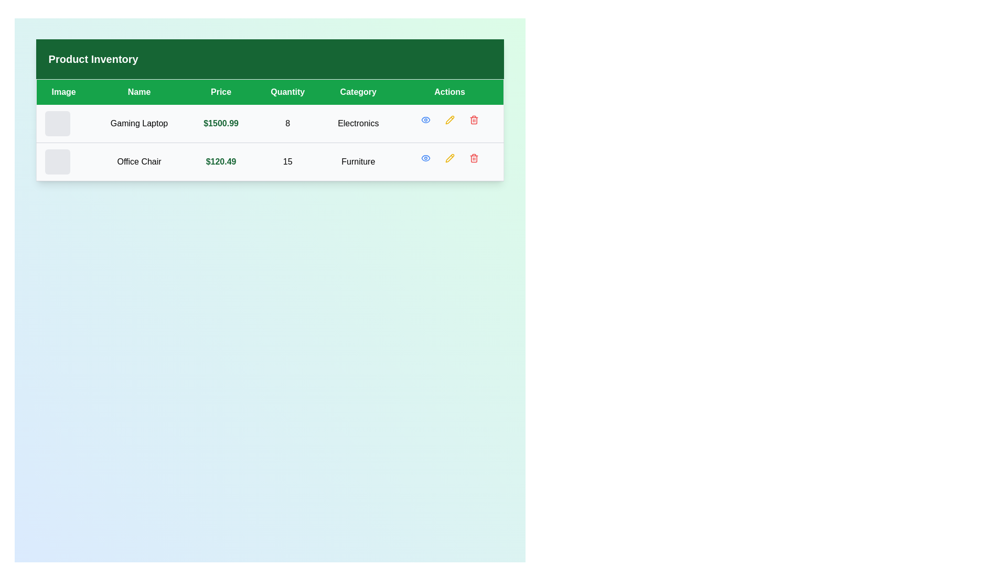 The height and width of the screenshot is (566, 1007). What do you see at coordinates (270, 91) in the screenshot?
I see `the labels in the table header row located at the top center of the product inventory table` at bounding box center [270, 91].